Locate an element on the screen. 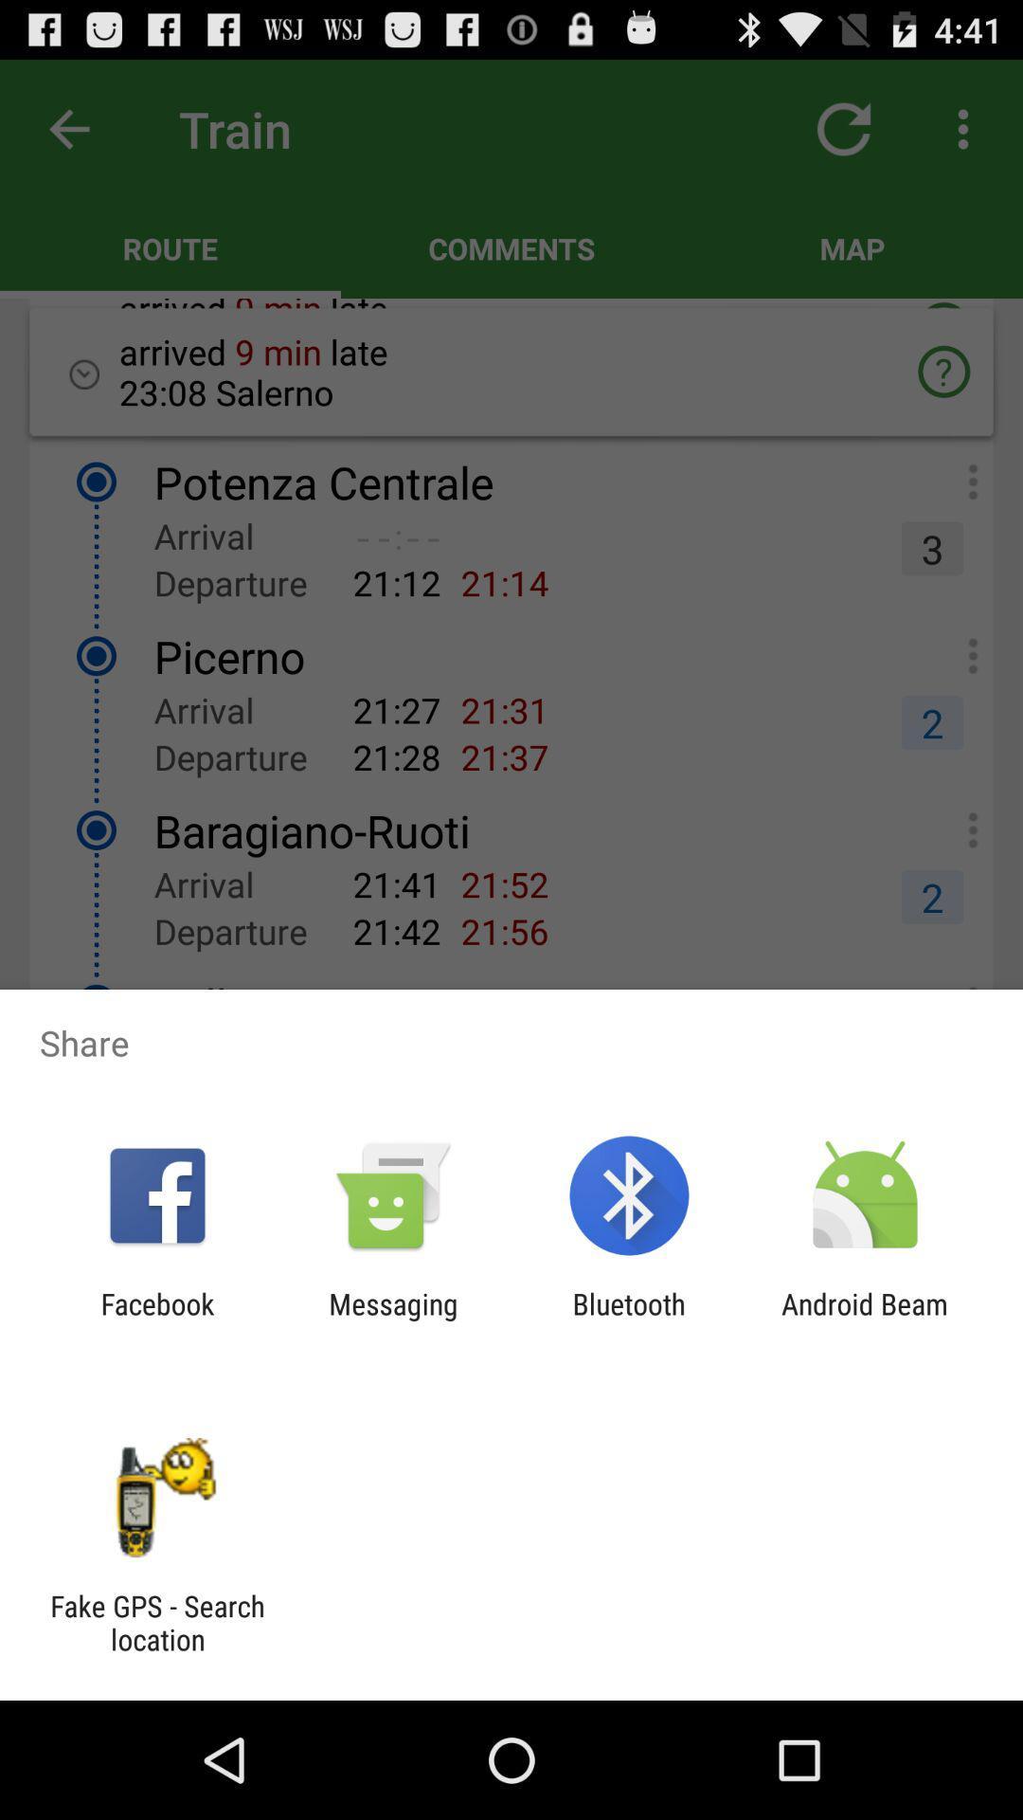 The width and height of the screenshot is (1023, 1820). icon next to the bluetooth is located at coordinates (865, 1319).